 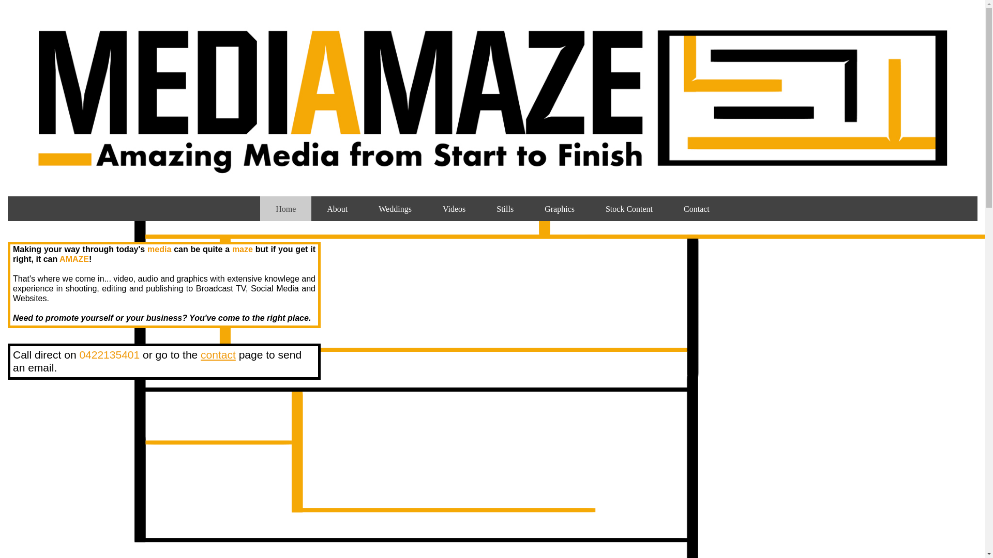 What do you see at coordinates (454, 209) in the screenshot?
I see `'Videos'` at bounding box center [454, 209].